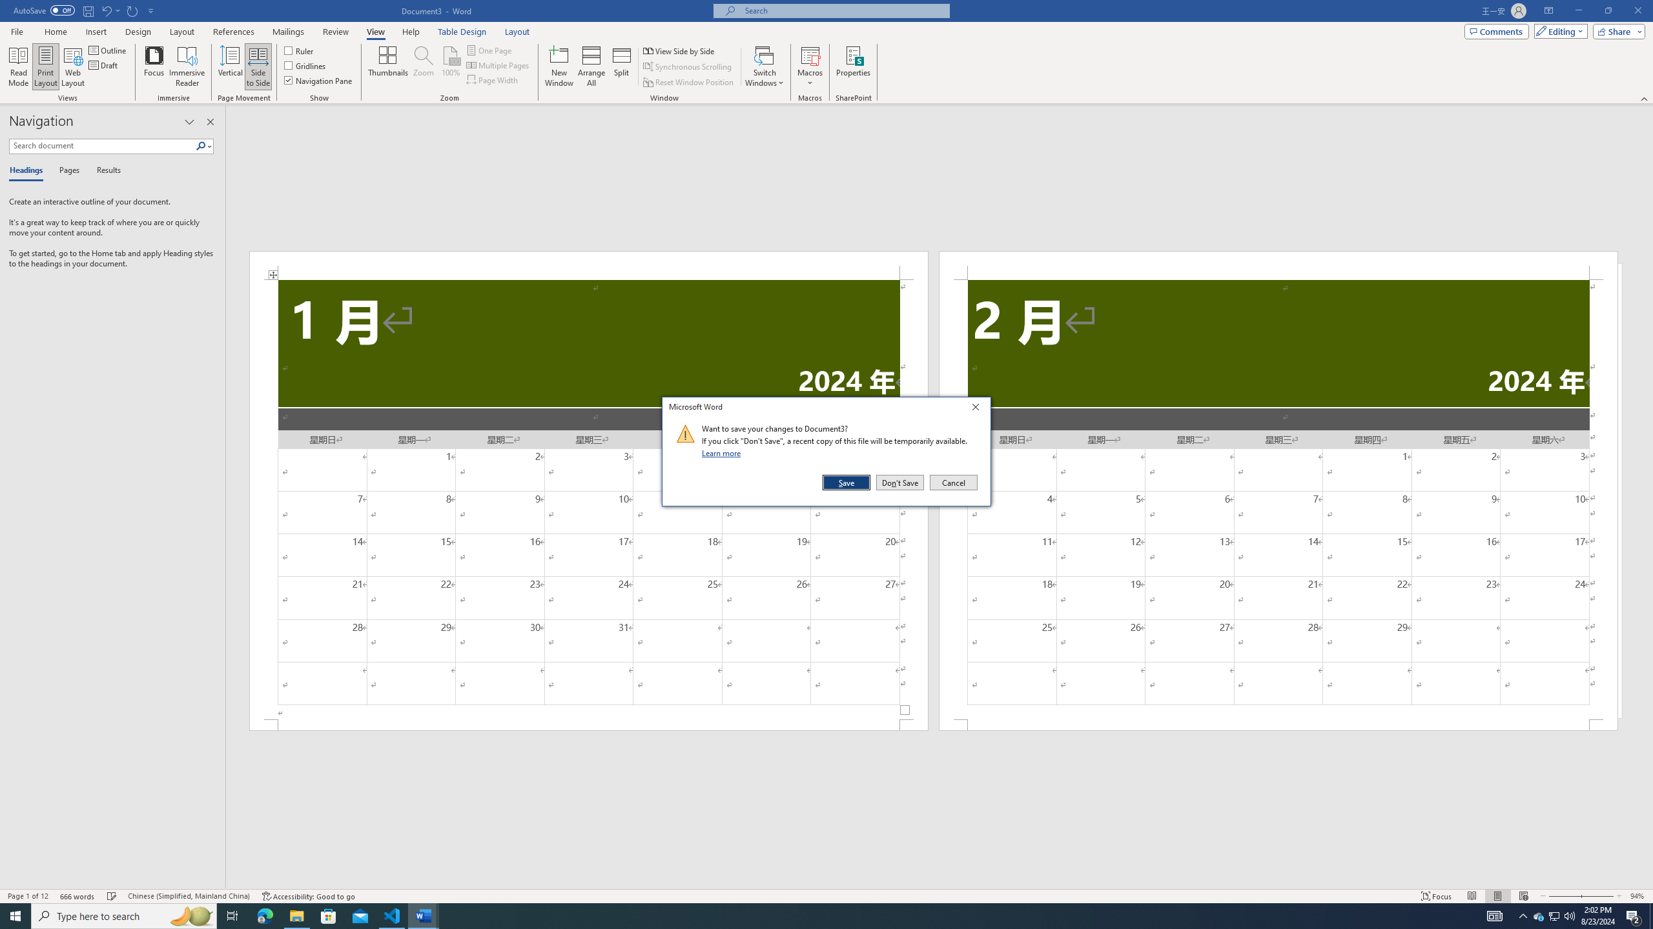  I want to click on 'Learn more', so click(723, 452).